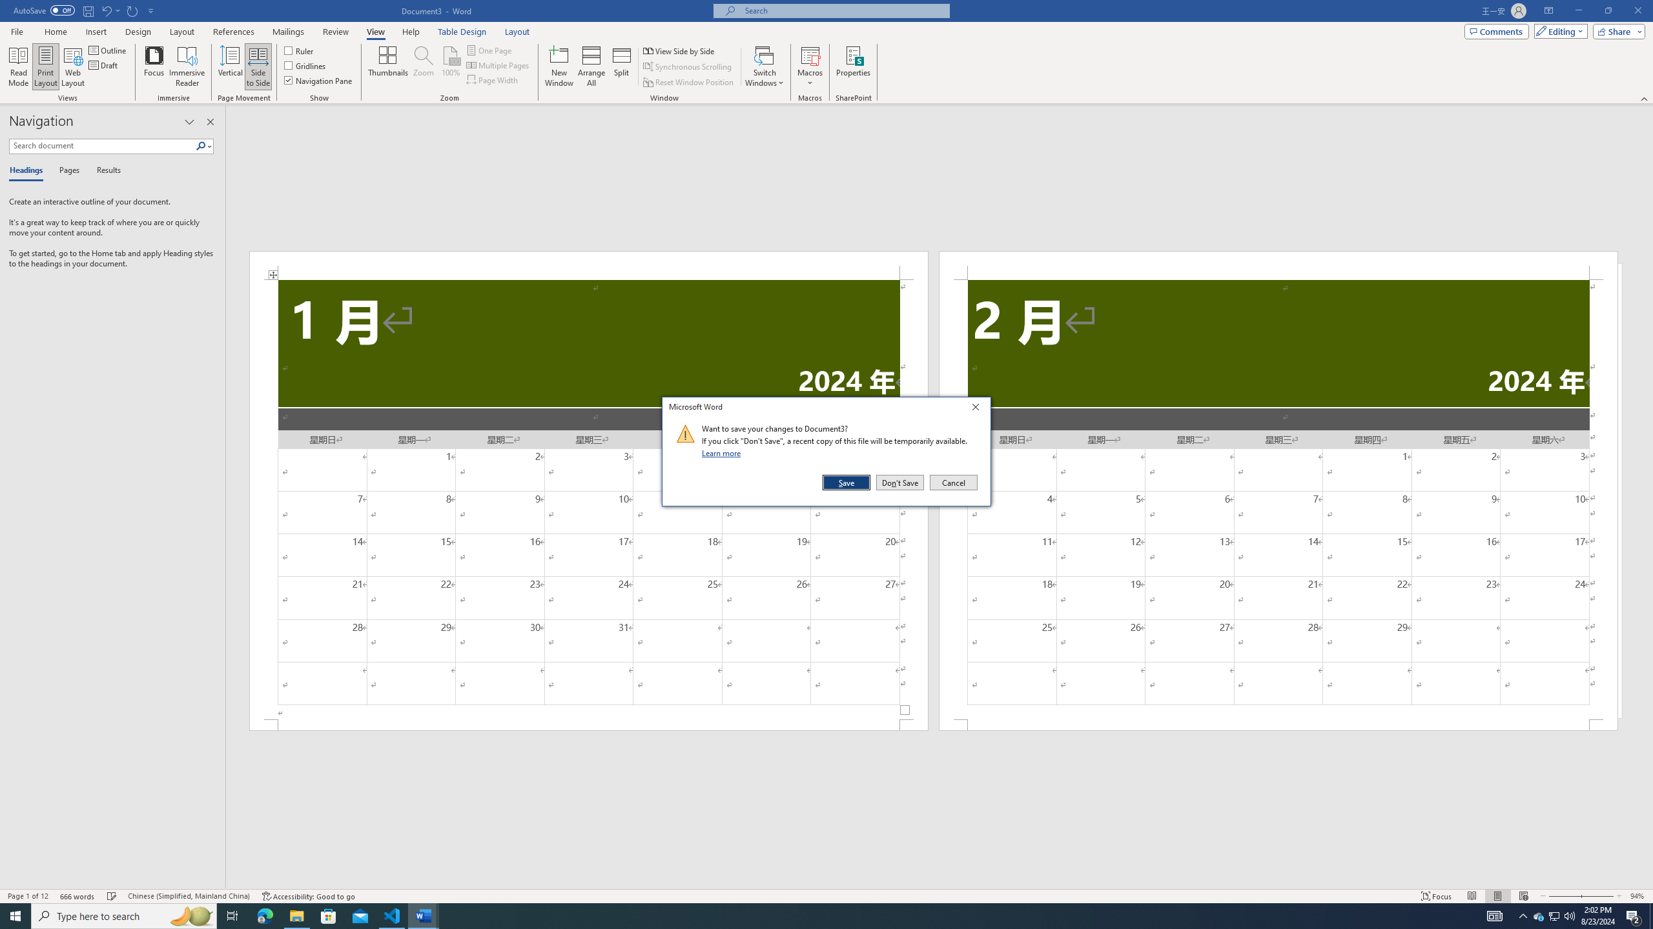  I want to click on 'Learn more', so click(723, 452).